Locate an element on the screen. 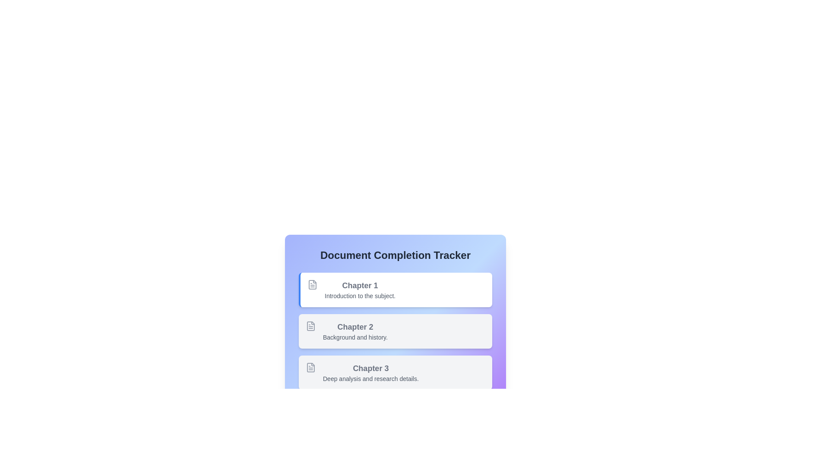 The image size is (829, 466). the document icon, which is an outlined file shape in gray, located to the left of the text 'Chapter 2 Background and history.' is located at coordinates (311, 326).